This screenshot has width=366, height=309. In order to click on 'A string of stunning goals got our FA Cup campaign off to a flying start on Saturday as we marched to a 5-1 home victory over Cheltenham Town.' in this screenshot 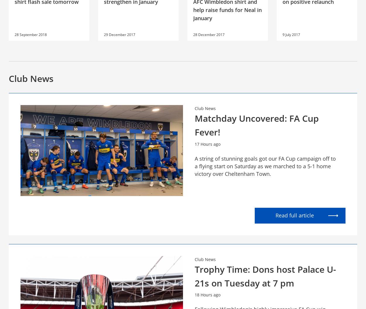, I will do `click(265, 166)`.